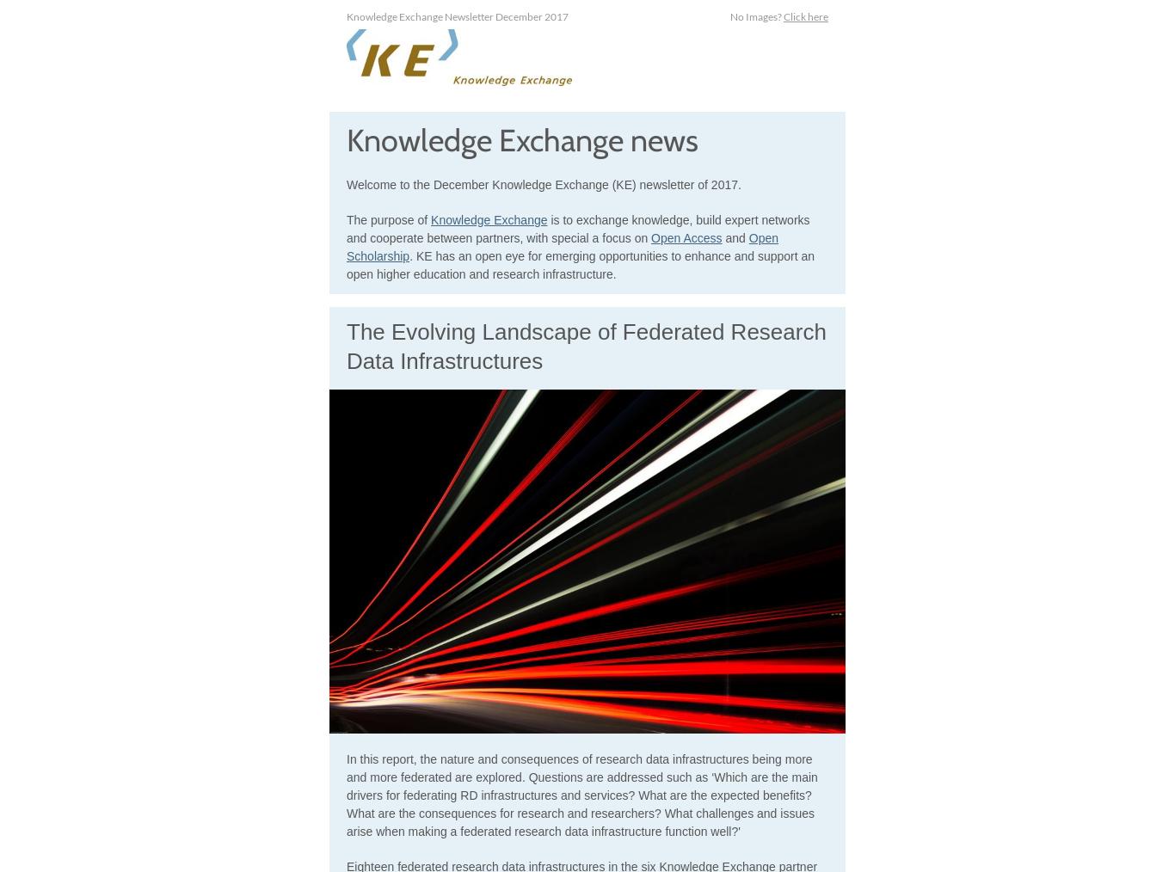  Describe the element at coordinates (562, 247) in the screenshot. I see `'Open 
Scholarship'` at that location.